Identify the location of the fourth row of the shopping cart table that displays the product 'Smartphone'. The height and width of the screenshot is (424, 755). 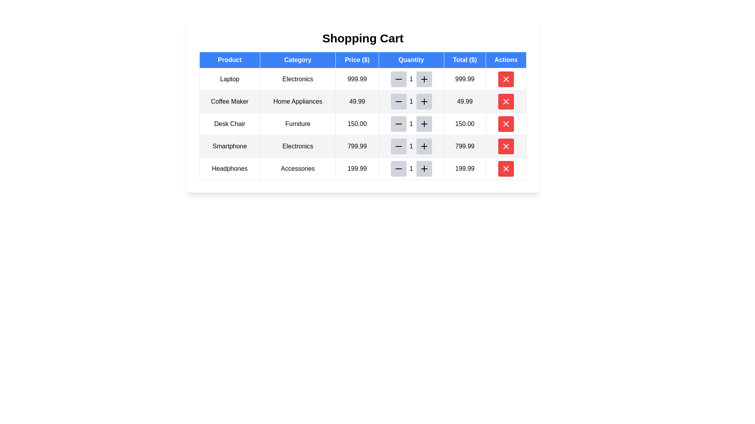
(362, 146).